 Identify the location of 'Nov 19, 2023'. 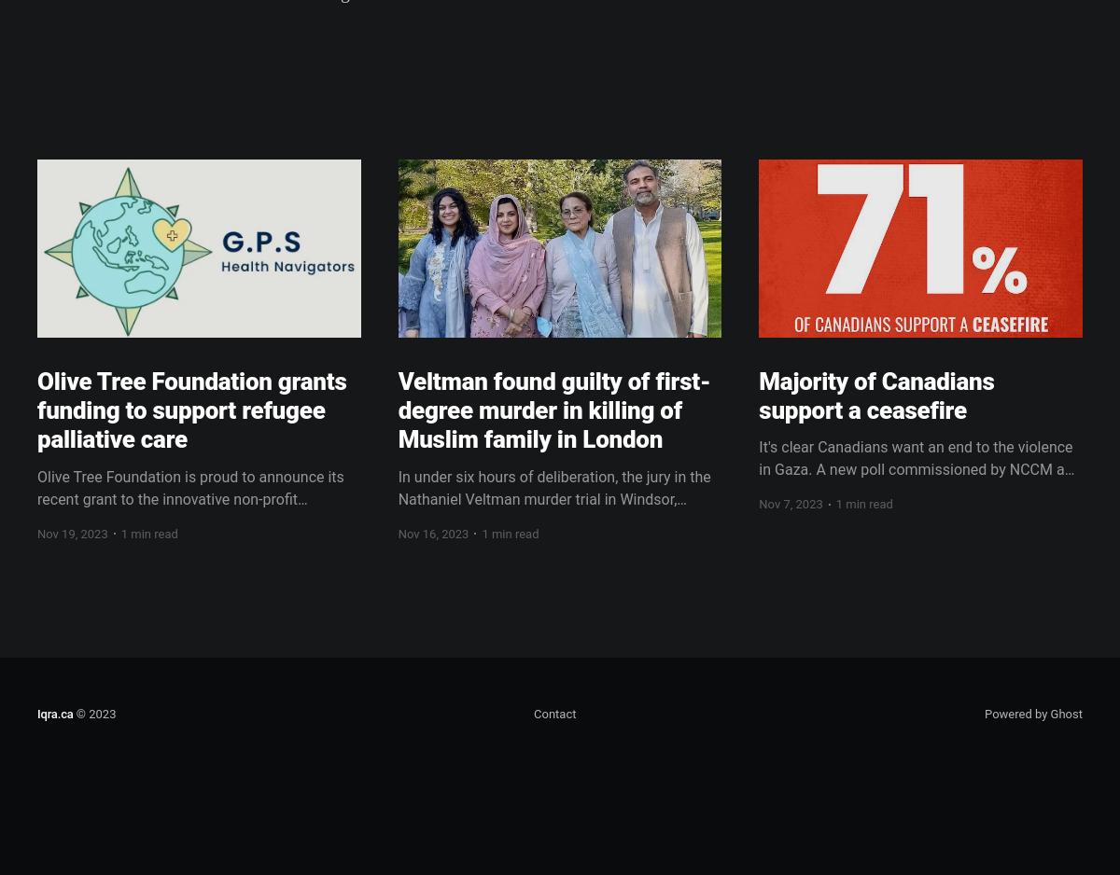
(72, 532).